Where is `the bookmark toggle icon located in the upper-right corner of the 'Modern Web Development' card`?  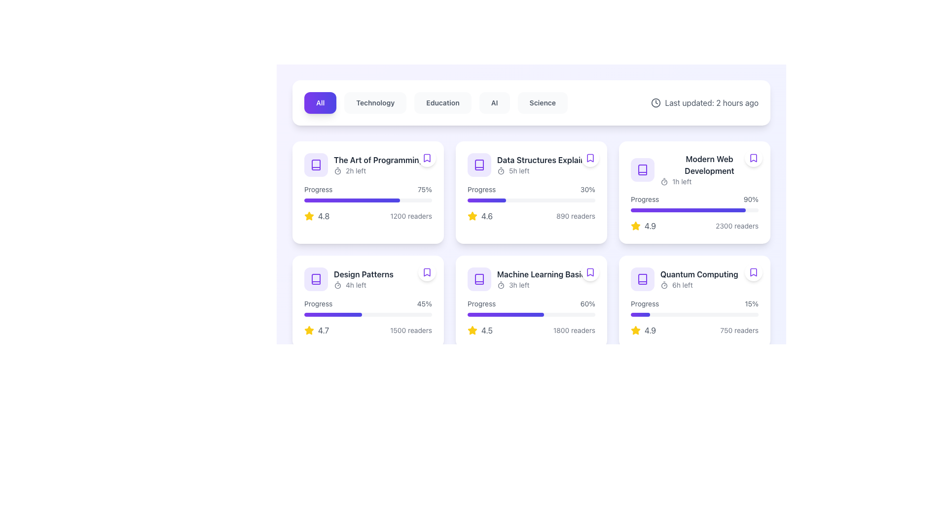 the bookmark toggle icon located in the upper-right corner of the 'Modern Web Development' card is located at coordinates (753, 157).